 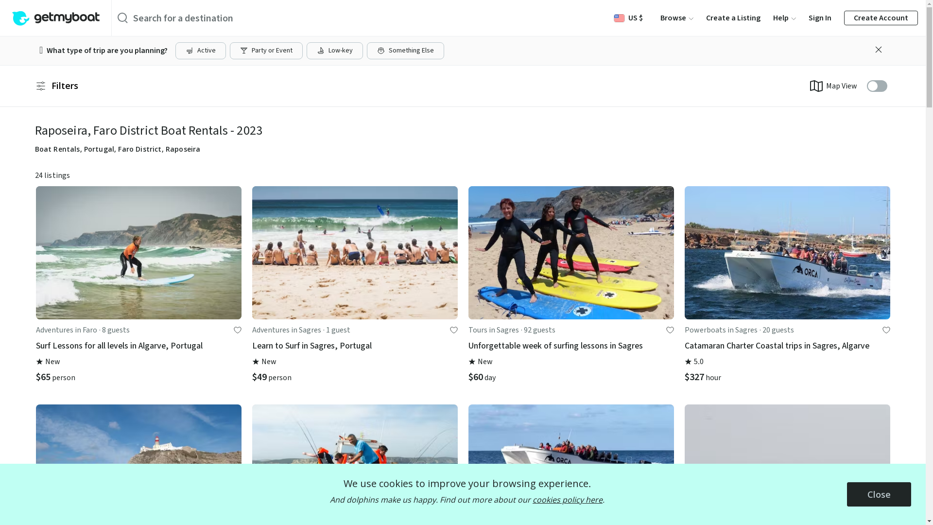 What do you see at coordinates (784, 18) in the screenshot?
I see `'Help'` at bounding box center [784, 18].